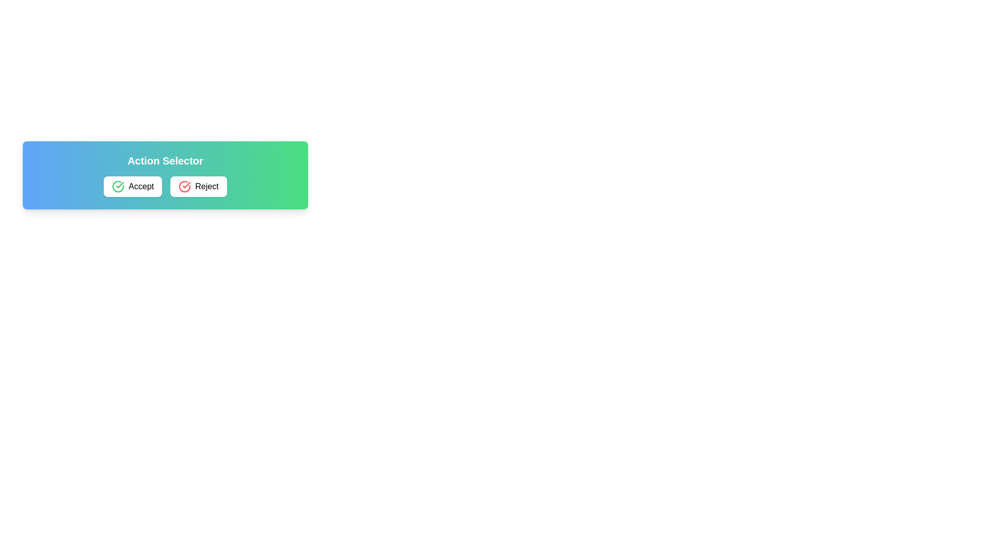 The image size is (991, 557). Describe the element at coordinates (186, 184) in the screenshot. I see `the rejection icon located in the 'Reject' button, which is the second button from the left in a two-button layout` at that location.